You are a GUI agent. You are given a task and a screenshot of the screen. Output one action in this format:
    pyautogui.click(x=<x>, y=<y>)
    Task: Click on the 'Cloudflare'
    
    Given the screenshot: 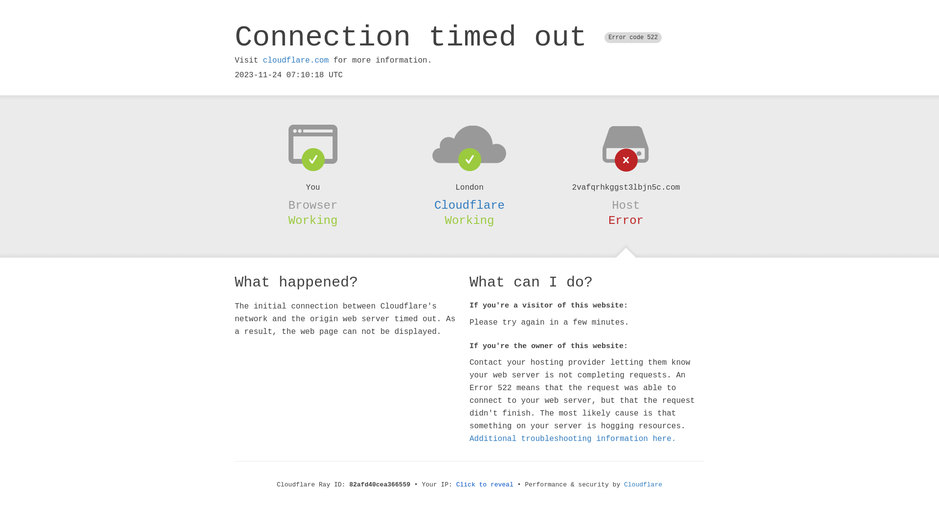 What is the action you would take?
    pyautogui.click(x=469, y=205)
    